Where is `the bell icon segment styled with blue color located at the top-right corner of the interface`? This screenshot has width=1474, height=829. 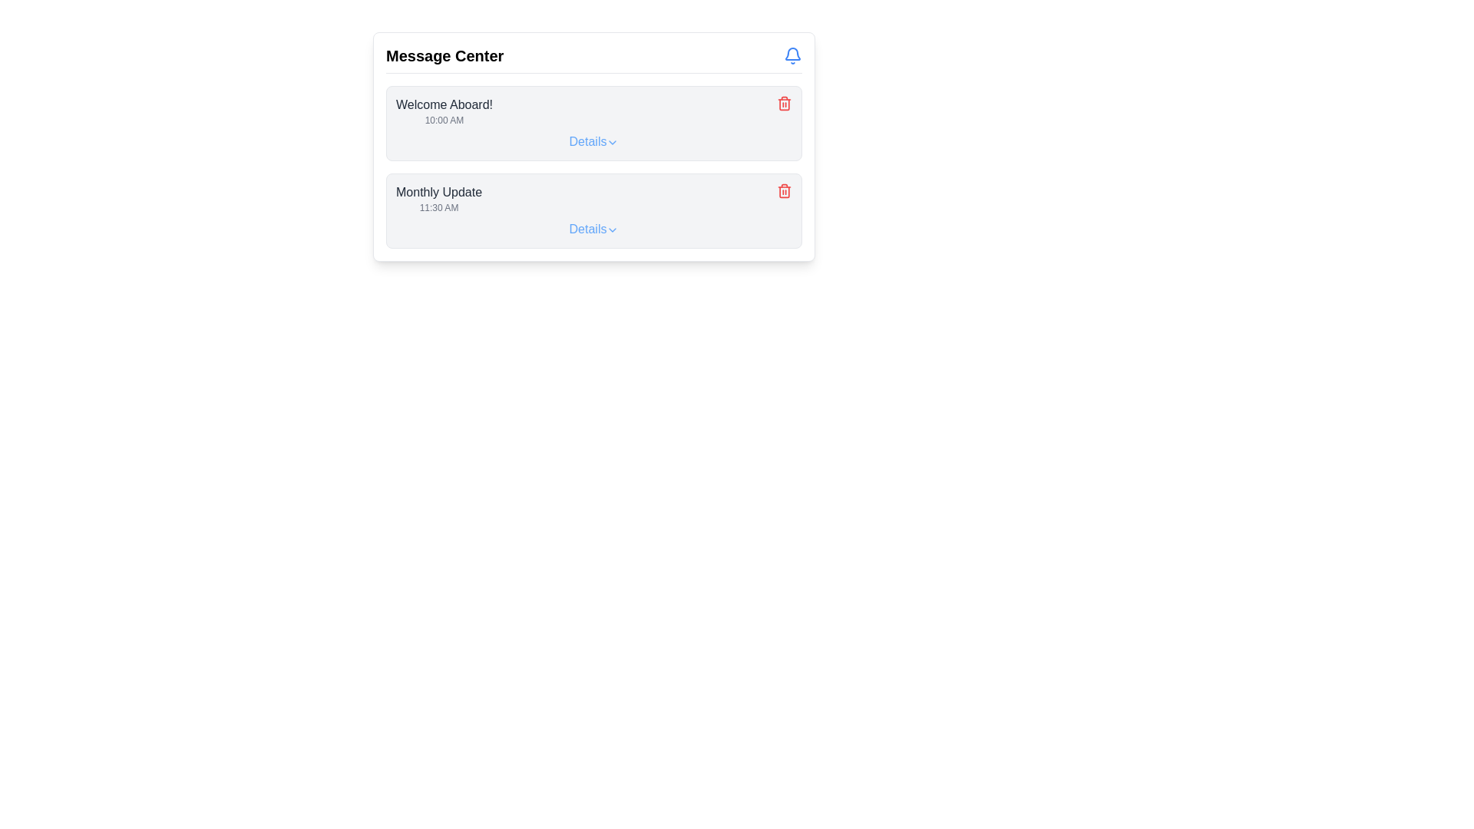 the bell icon segment styled with blue color located at the top-right corner of the interface is located at coordinates (792, 53).